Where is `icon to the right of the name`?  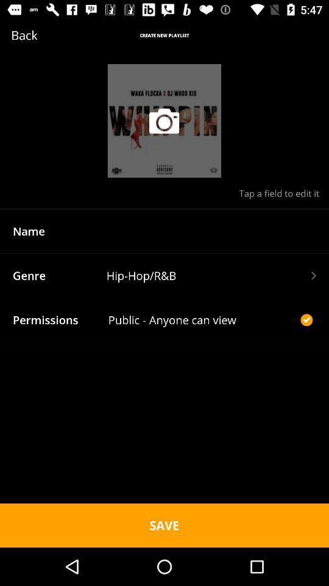 icon to the right of the name is located at coordinates (210, 230).